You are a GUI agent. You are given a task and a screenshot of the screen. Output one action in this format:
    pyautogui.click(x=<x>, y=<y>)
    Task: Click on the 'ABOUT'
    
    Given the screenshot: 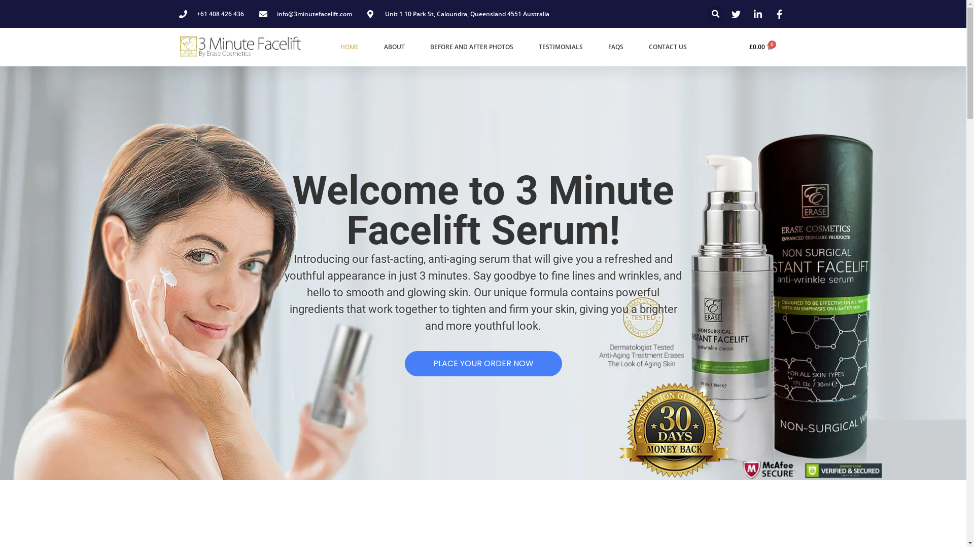 What is the action you would take?
    pyautogui.click(x=394, y=47)
    